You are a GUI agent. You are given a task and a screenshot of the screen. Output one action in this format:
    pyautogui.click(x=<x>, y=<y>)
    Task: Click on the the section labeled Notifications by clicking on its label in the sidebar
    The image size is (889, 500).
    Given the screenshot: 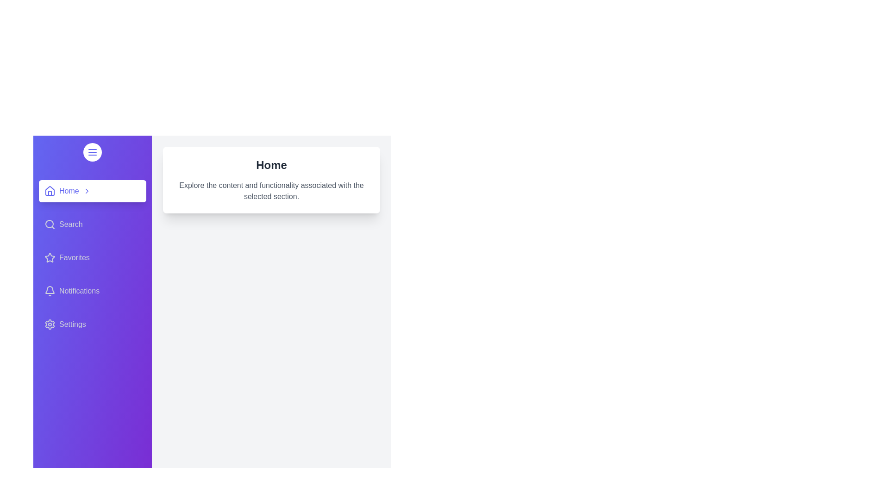 What is the action you would take?
    pyautogui.click(x=93, y=290)
    